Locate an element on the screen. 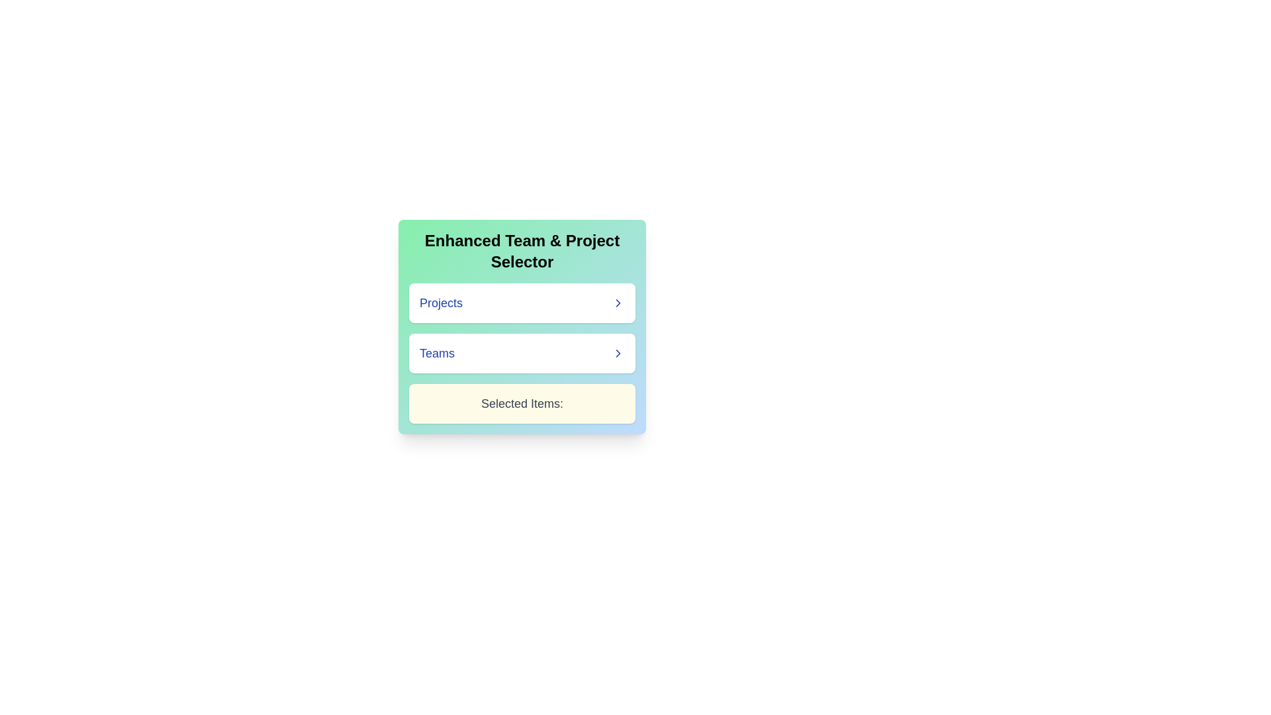 The height and width of the screenshot is (715, 1271). the static text label indicating 'Selected Items', which is located within a light yellow box beneath the Projects and Teams dropdown buttons is located at coordinates (521, 403).